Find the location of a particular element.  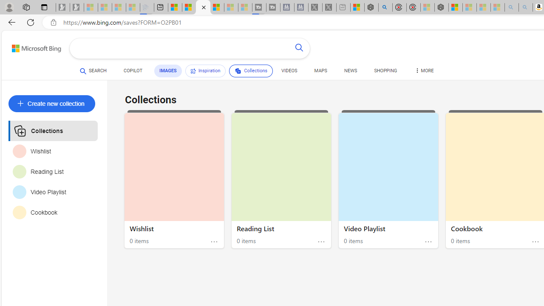

'COPILOT' is located at coordinates (132, 71).